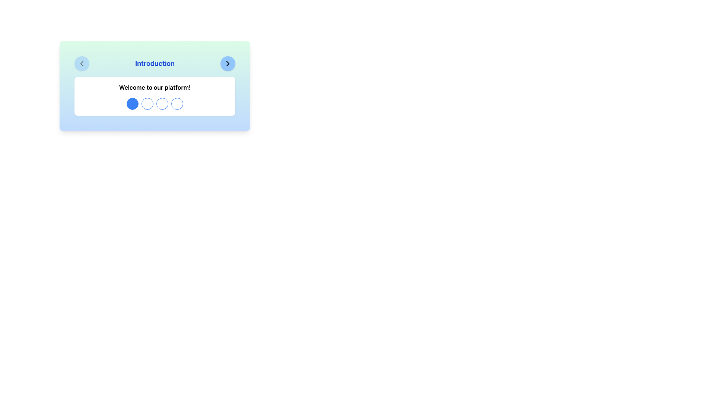 This screenshot has width=715, height=402. Describe the element at coordinates (227, 63) in the screenshot. I see `the black chevron-right icon located within the circular button at the top-right corner of the interface` at that location.